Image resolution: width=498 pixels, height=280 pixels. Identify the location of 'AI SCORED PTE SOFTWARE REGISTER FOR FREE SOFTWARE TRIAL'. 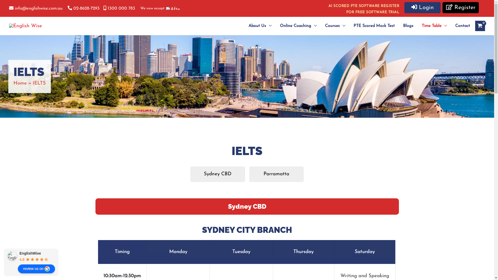
(363, 9).